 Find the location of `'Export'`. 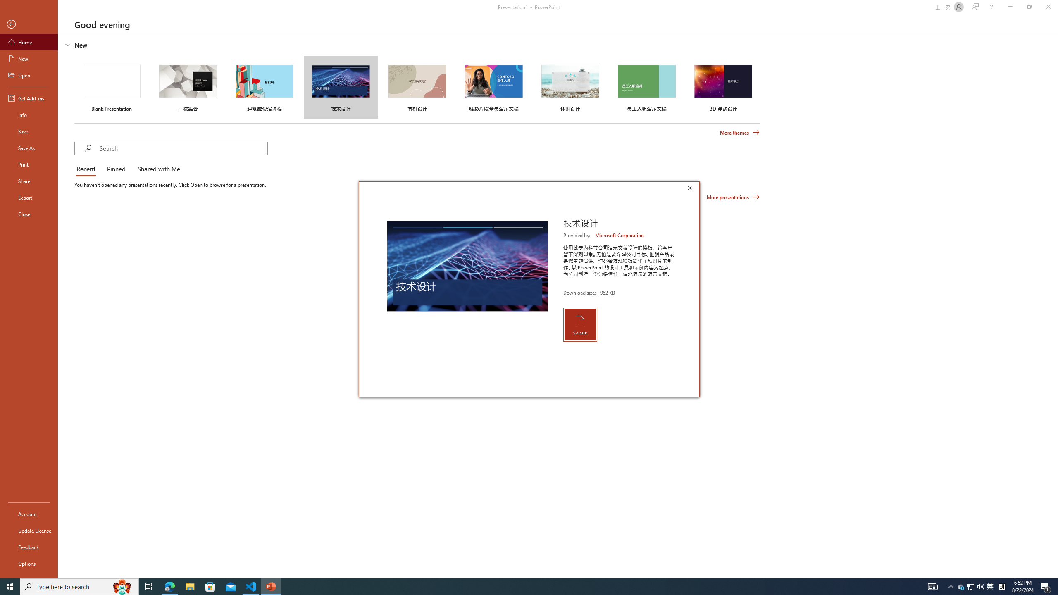

'Export' is located at coordinates (29, 198).